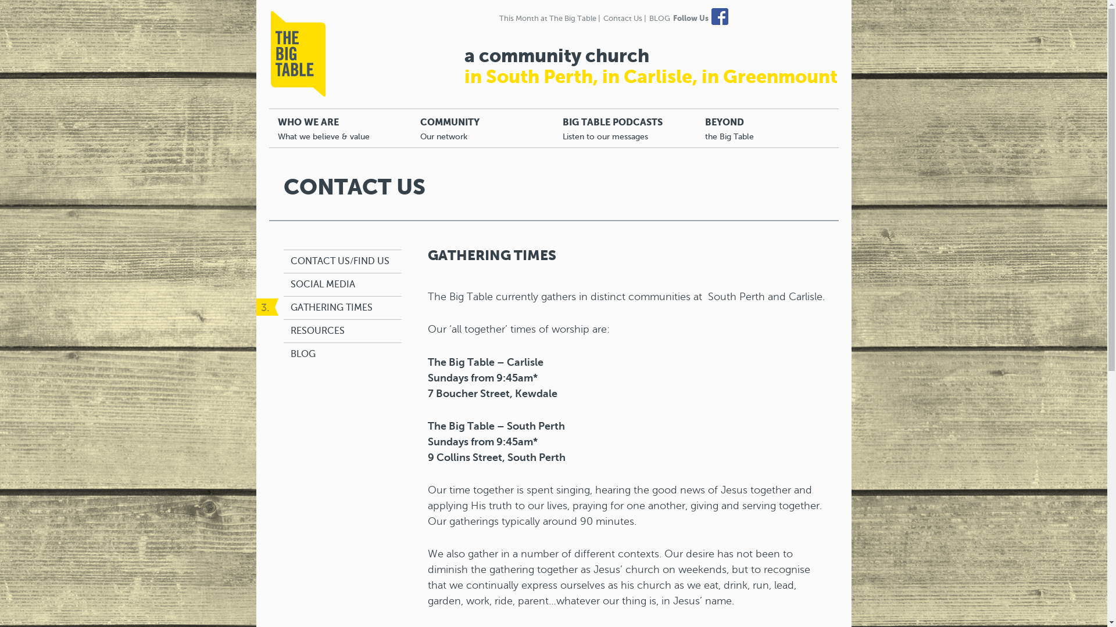 The image size is (1116, 627). What do you see at coordinates (20, 7) in the screenshot?
I see `'Search'` at bounding box center [20, 7].